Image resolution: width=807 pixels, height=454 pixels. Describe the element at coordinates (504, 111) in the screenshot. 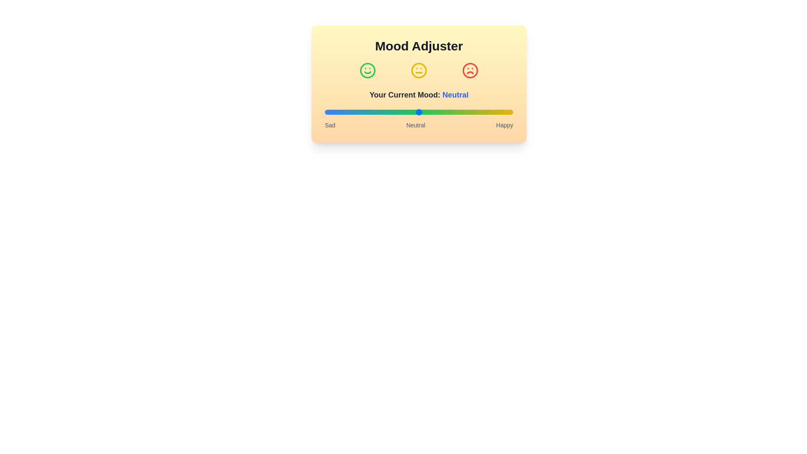

I see `the mood slider to set the mood to 95%` at that location.